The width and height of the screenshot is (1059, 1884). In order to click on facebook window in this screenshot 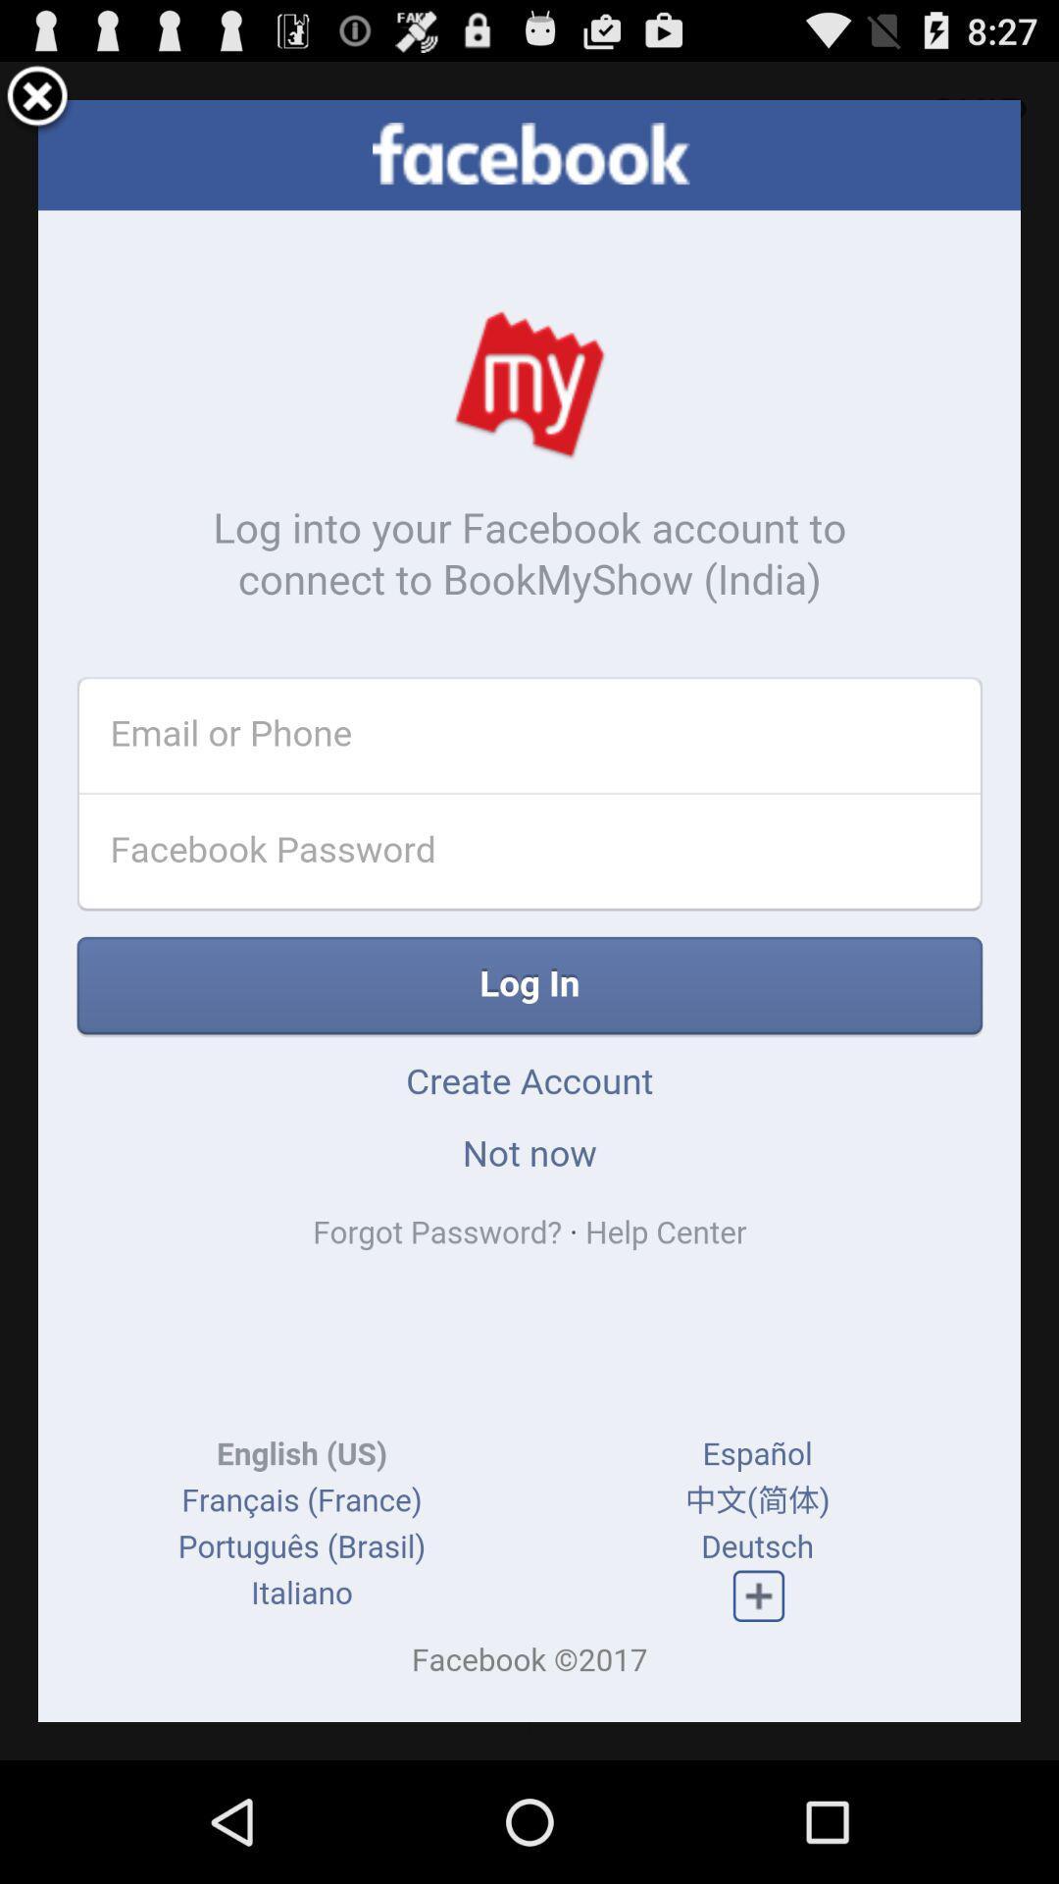, I will do `click(37, 98)`.